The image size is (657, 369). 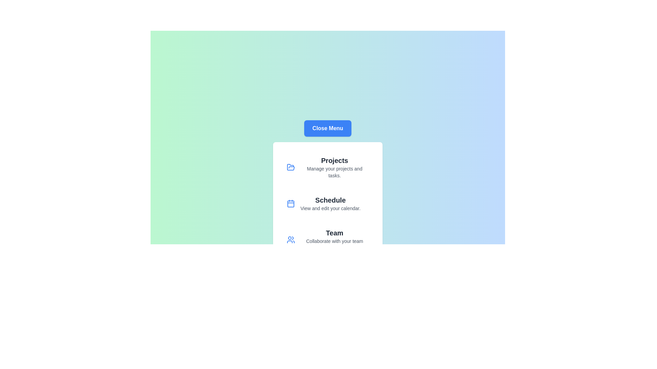 I want to click on the 'Close Menu' button to toggle the menu visibility, so click(x=327, y=128).